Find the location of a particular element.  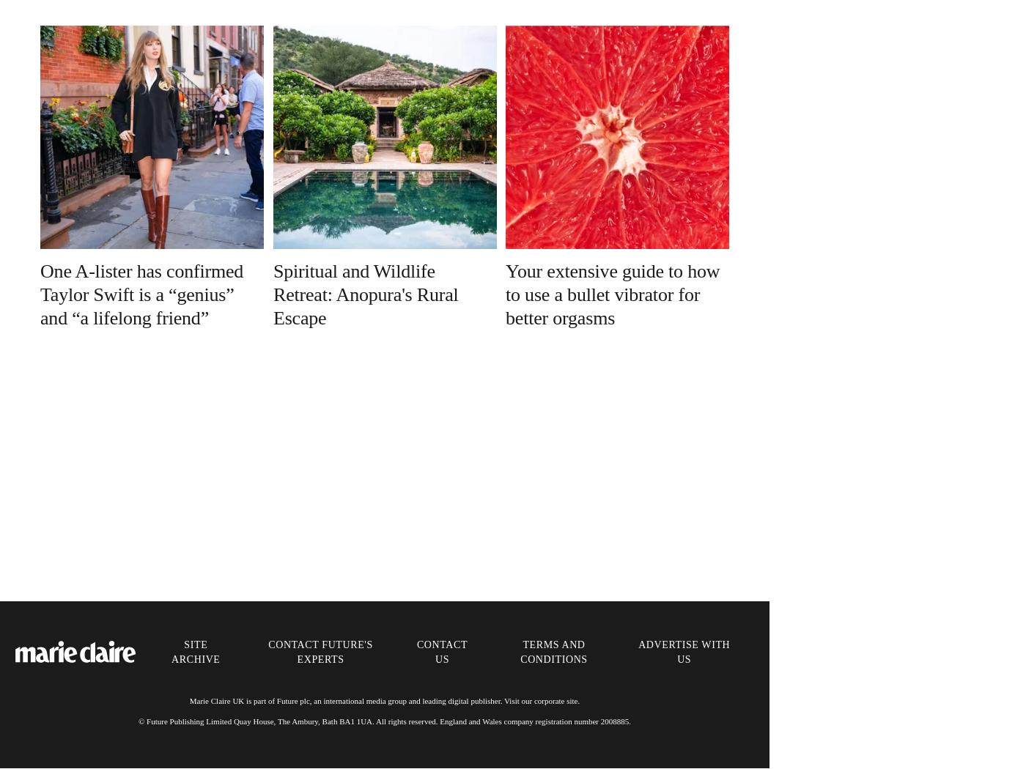

'Terms and conditions' is located at coordinates (553, 650).